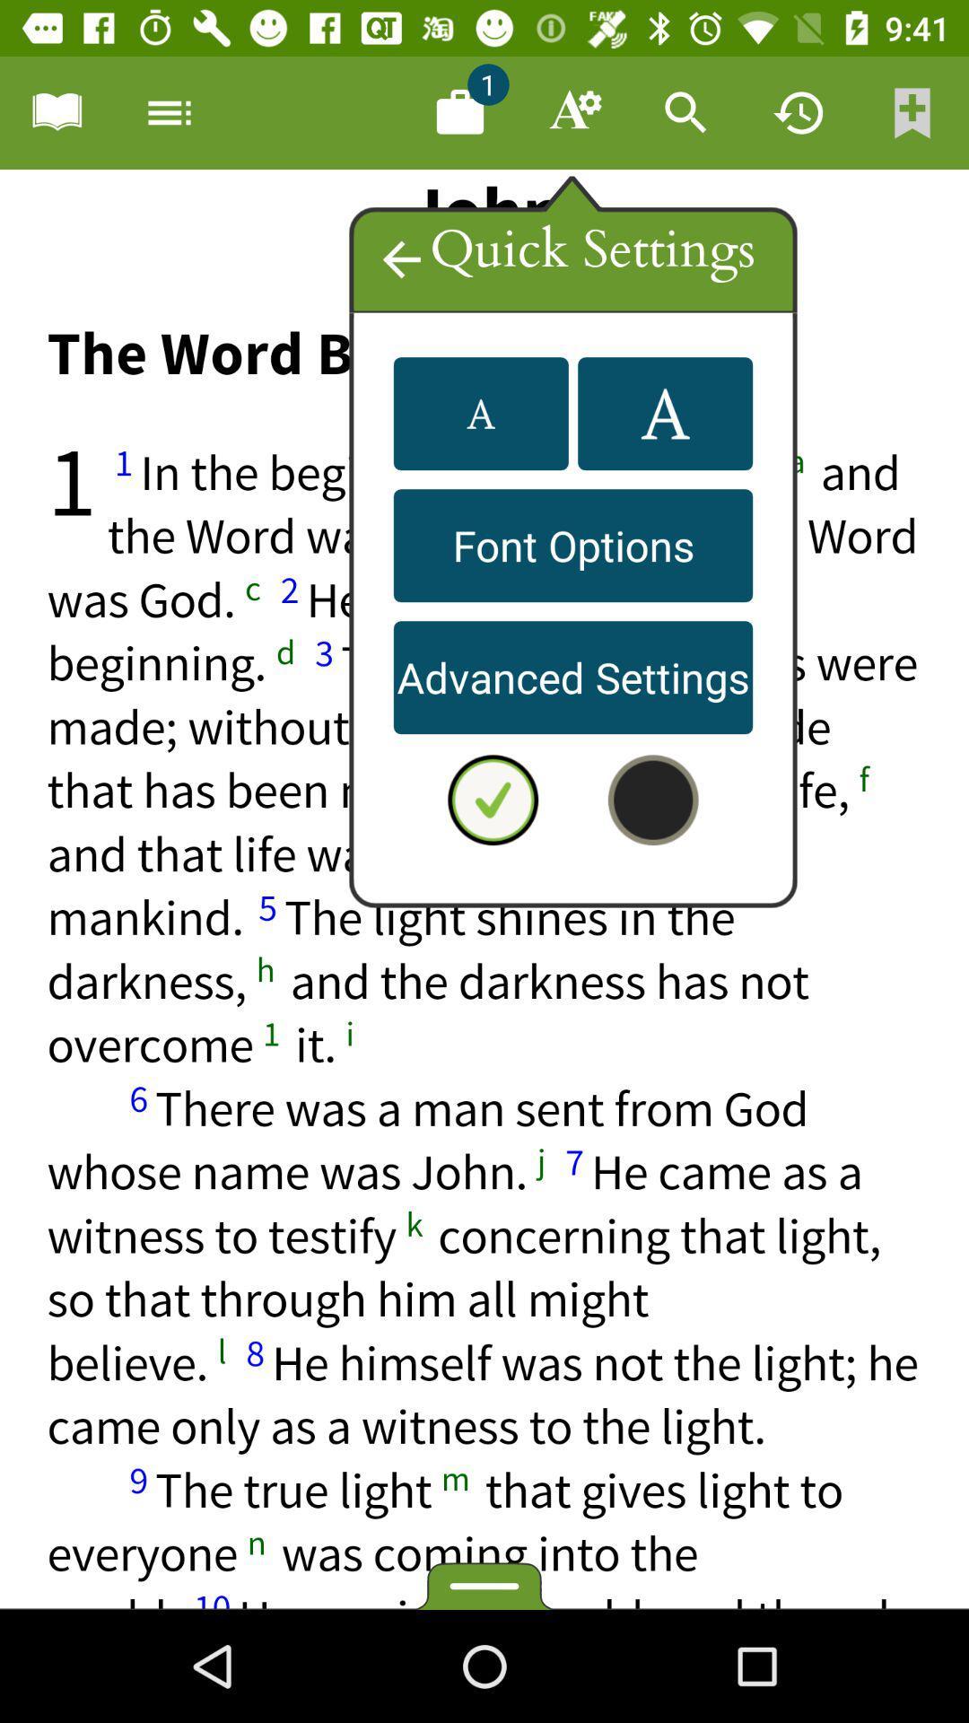 Image resolution: width=969 pixels, height=1723 pixels. I want to click on font size, so click(480, 413).